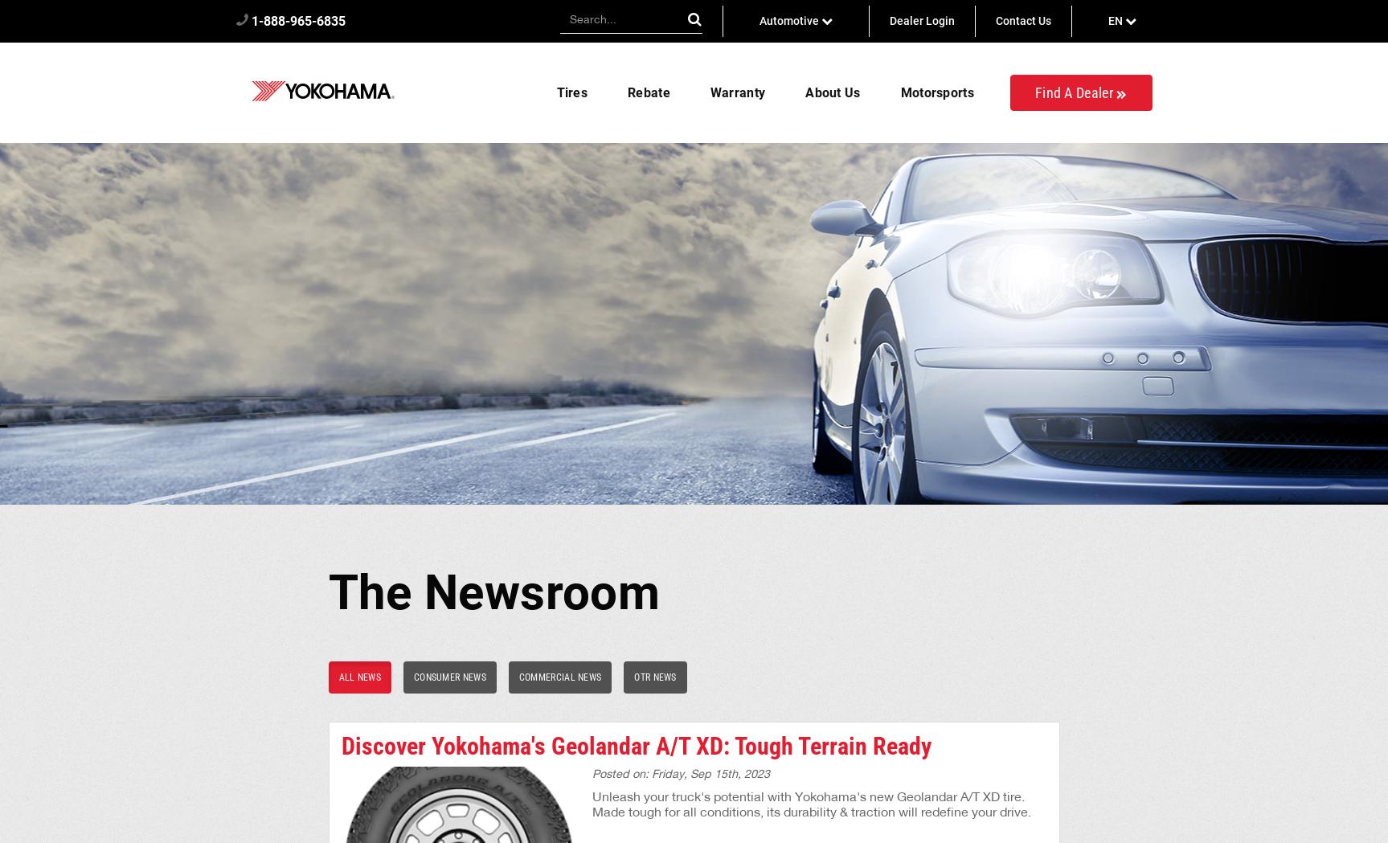  I want to click on 'Motorsports', so click(936, 91).